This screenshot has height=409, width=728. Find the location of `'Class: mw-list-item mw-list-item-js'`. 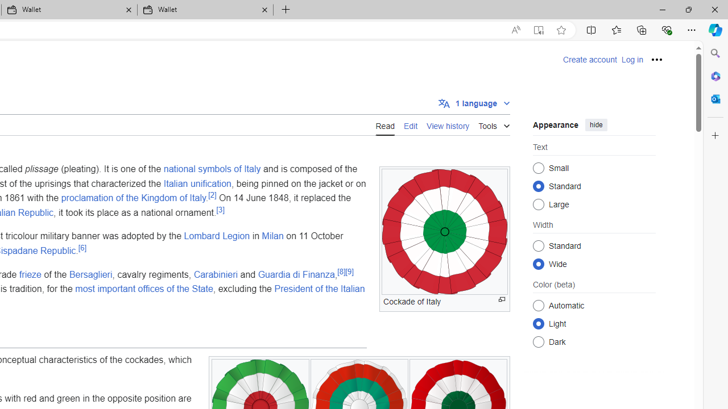

'Class: mw-list-item mw-list-item-js' is located at coordinates (594, 323).